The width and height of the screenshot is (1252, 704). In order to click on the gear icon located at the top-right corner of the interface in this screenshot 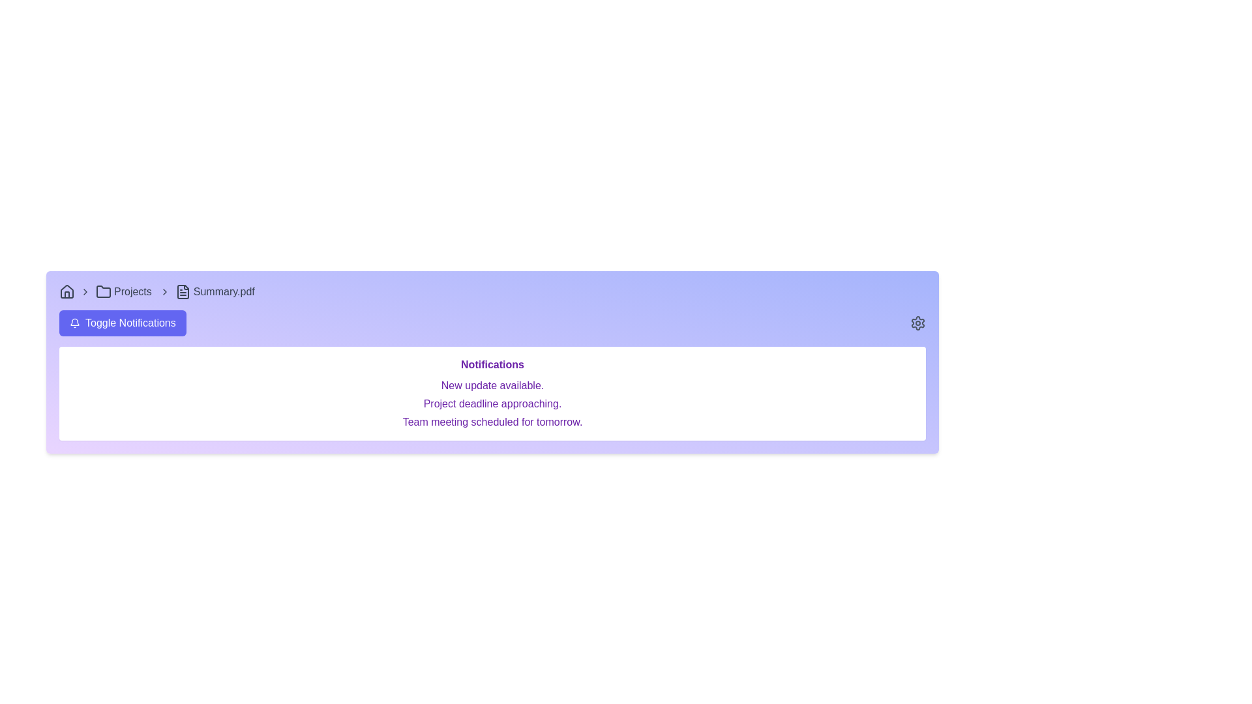, I will do `click(917, 323)`.